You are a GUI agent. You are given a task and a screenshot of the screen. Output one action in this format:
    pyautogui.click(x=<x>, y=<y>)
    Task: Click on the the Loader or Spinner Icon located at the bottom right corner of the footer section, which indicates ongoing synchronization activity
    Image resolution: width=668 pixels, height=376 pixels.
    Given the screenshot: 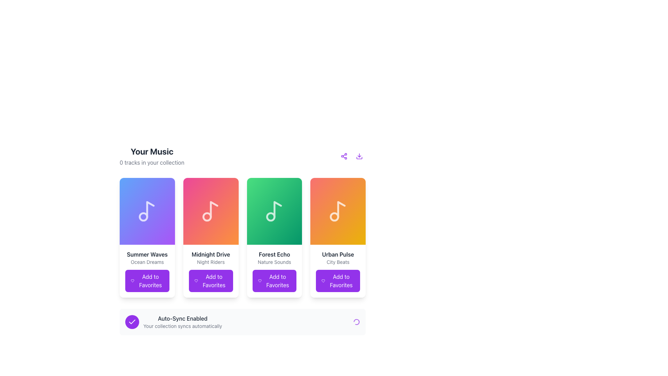 What is the action you would take?
    pyautogui.click(x=357, y=322)
    